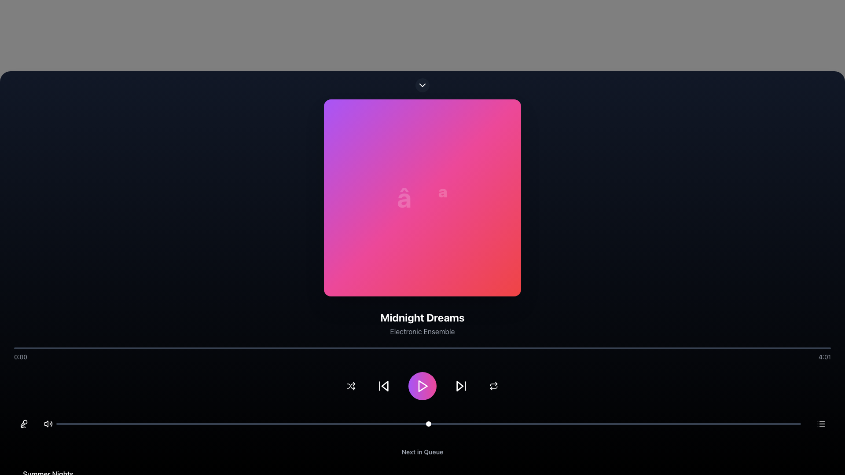  I want to click on the shuffle button with a white shuffle icon located in the control bar below the music player interface, so click(350, 386).